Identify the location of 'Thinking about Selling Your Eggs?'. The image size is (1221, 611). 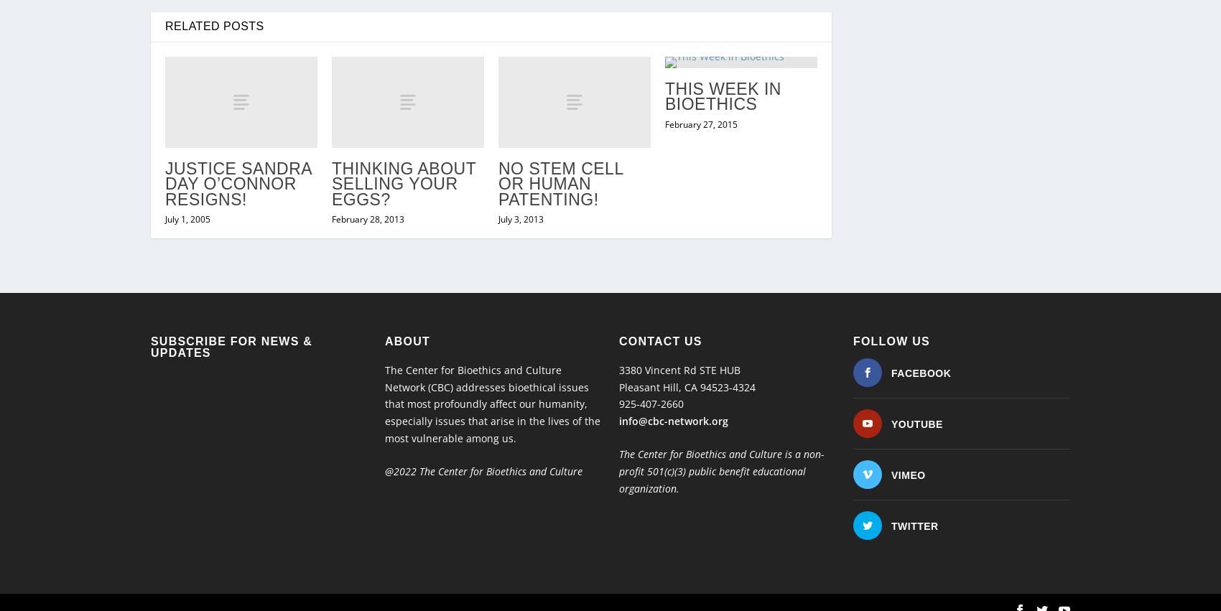
(403, 154).